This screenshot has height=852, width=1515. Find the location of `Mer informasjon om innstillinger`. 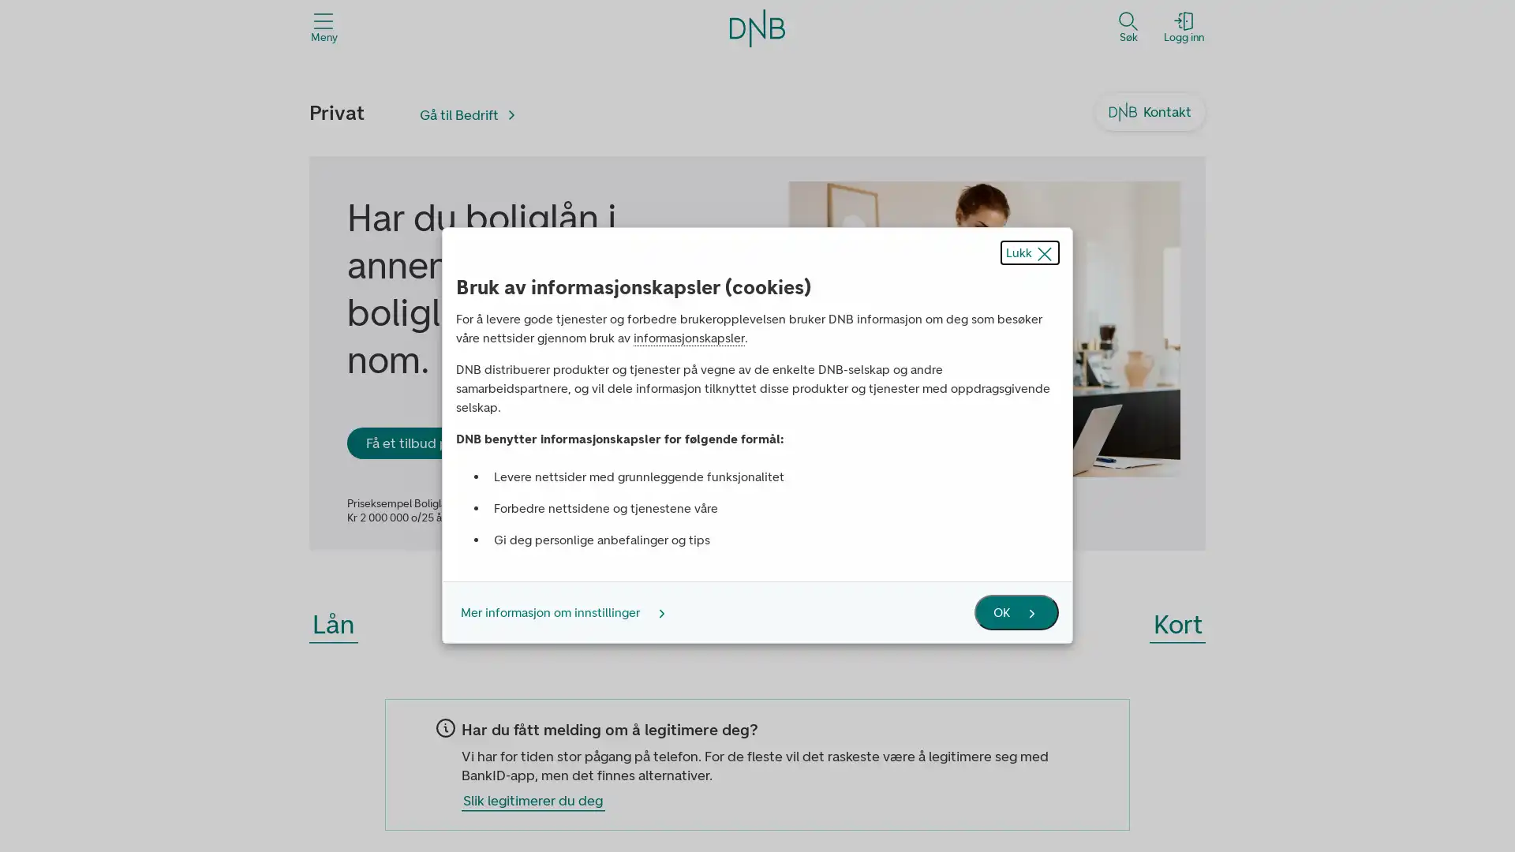

Mer informasjon om innstillinger is located at coordinates (557, 611).